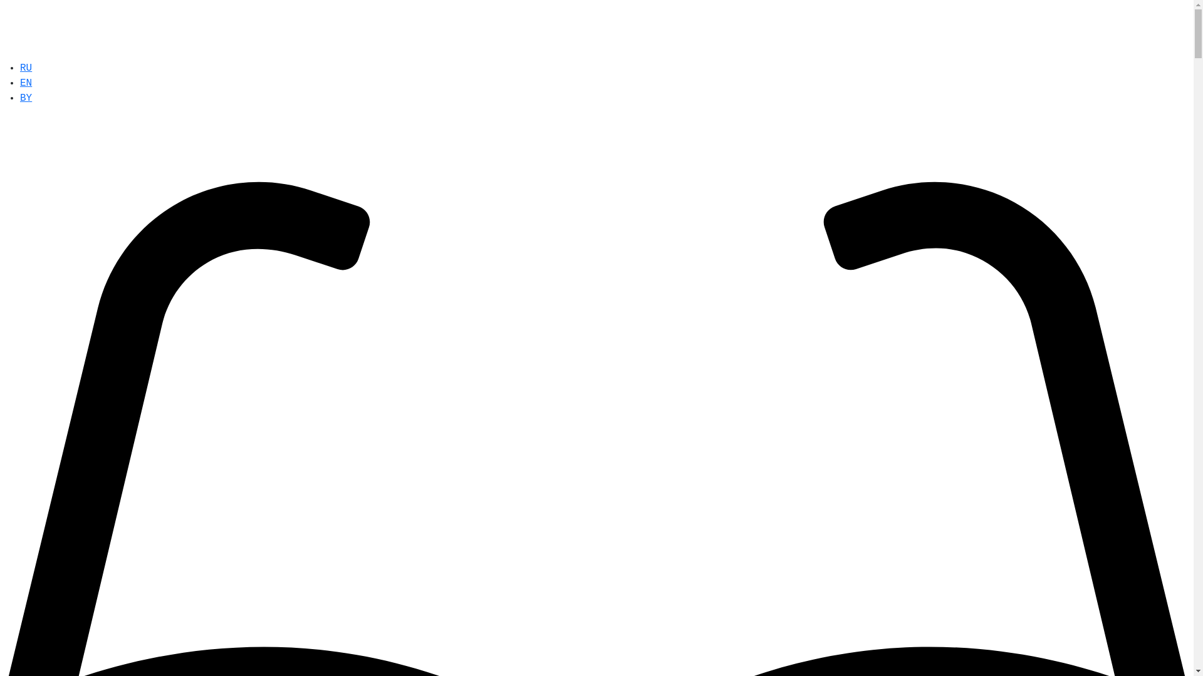 This screenshot has width=1203, height=676. I want to click on 'BY', so click(26, 98).